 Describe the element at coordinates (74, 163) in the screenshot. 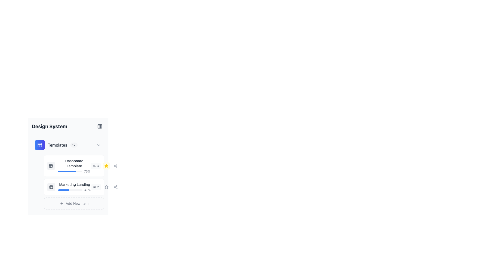

I see `text label titled 'Dashboard Template' located at the top of the card in the 'Templates' section` at that location.